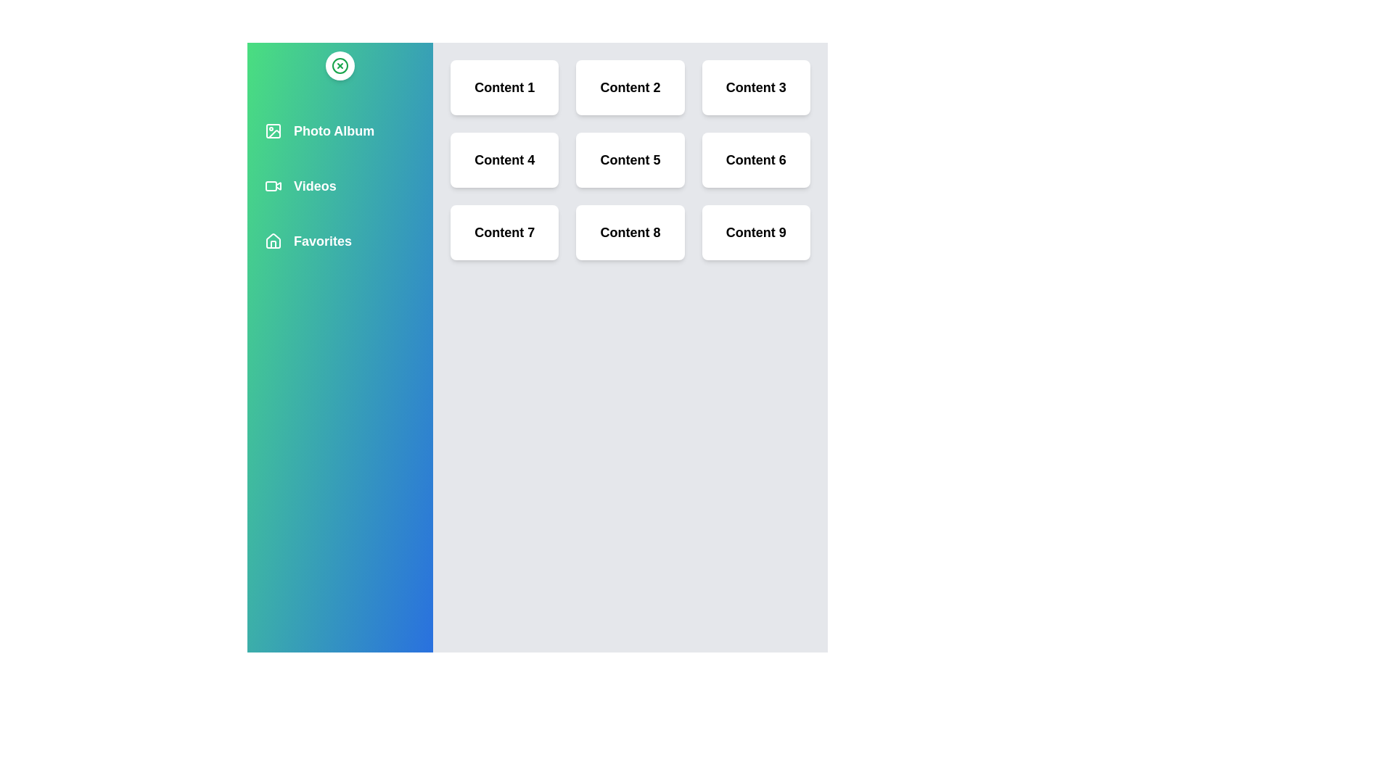 This screenshot has width=1393, height=783. I want to click on the multimedia item Favorites from the list, so click(344, 240).